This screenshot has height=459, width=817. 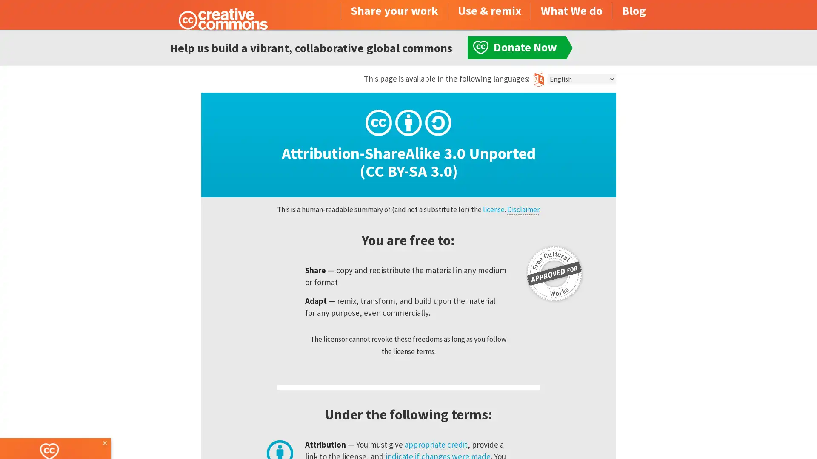 I want to click on Donate Now, so click(x=61, y=436).